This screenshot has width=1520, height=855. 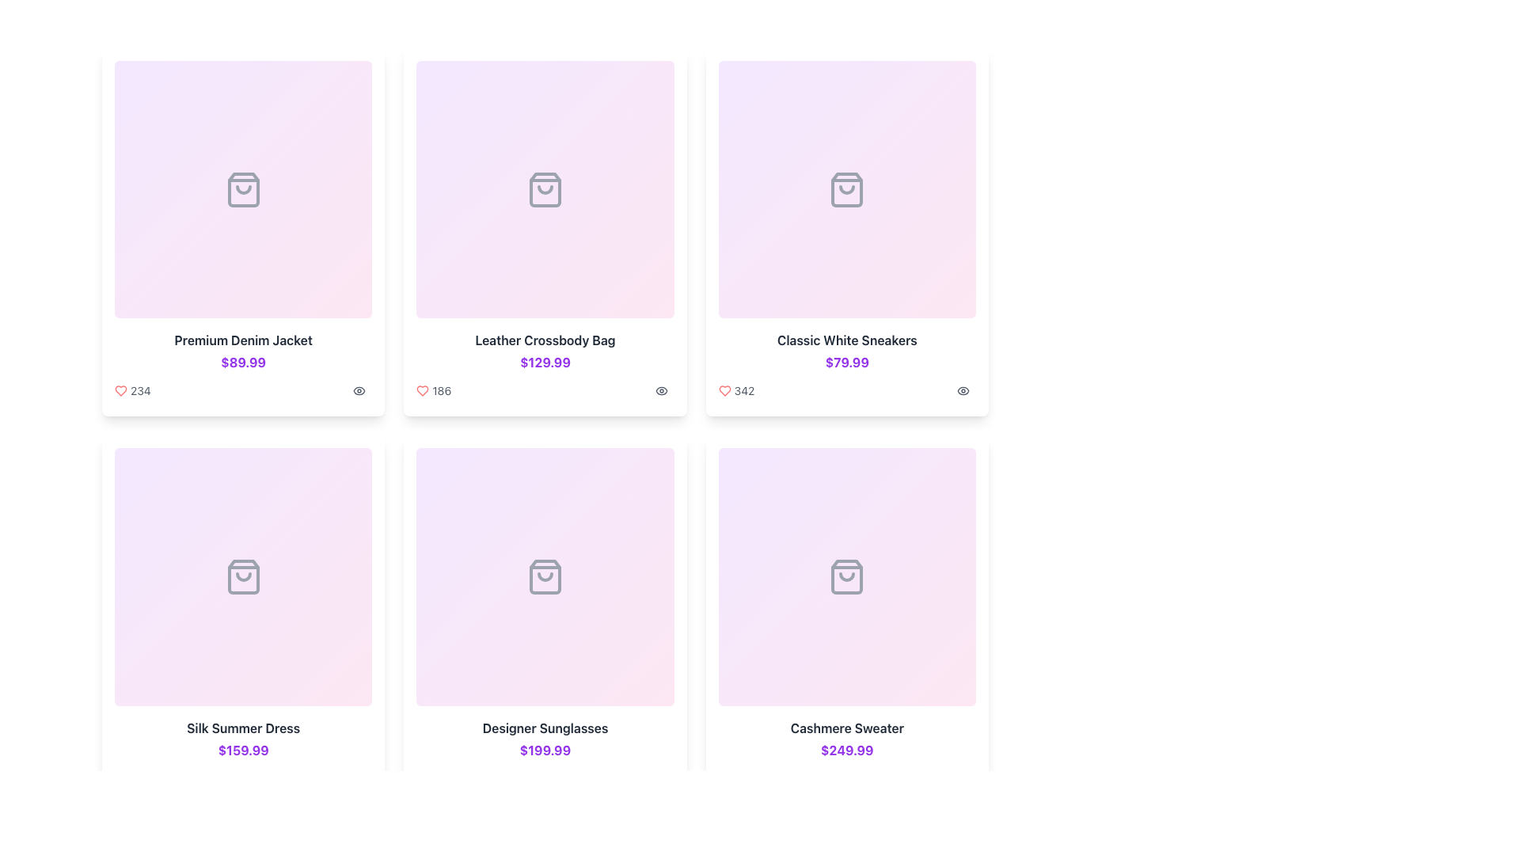 I want to click on the heart icon in the bottom-left corner of the 'Leather Crossbody Bag' product card to like or favorite the item, so click(x=423, y=391).